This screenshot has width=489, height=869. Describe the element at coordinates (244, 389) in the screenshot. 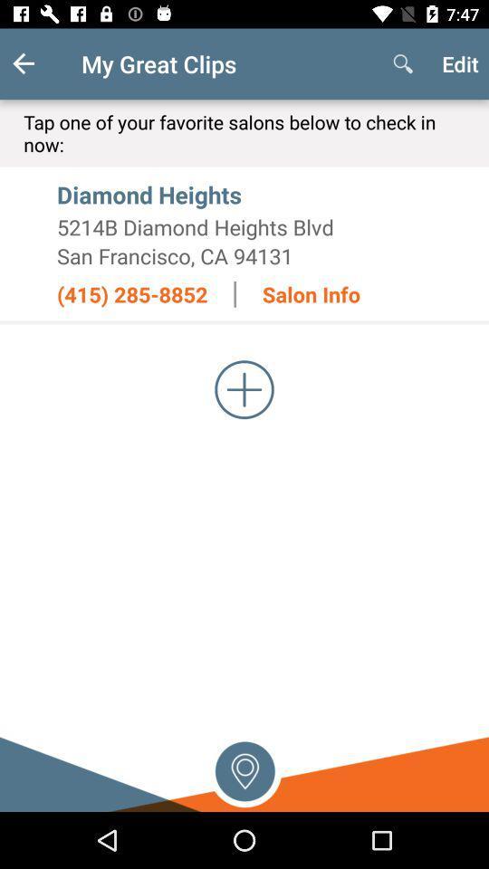

I see `the contact` at that location.